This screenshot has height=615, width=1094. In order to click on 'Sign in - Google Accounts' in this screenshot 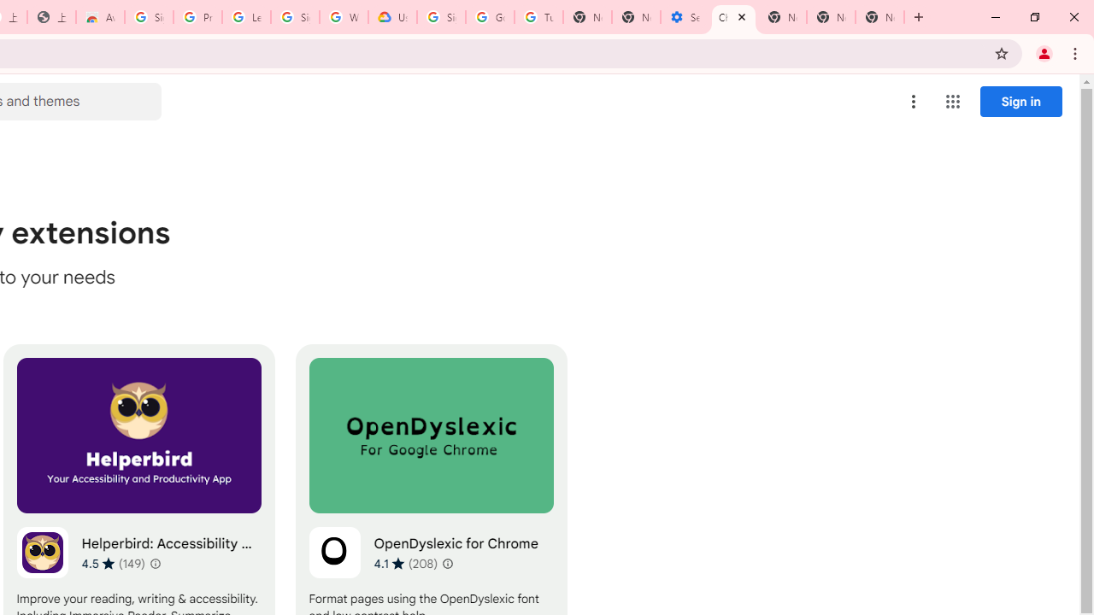, I will do `click(295, 17)`.